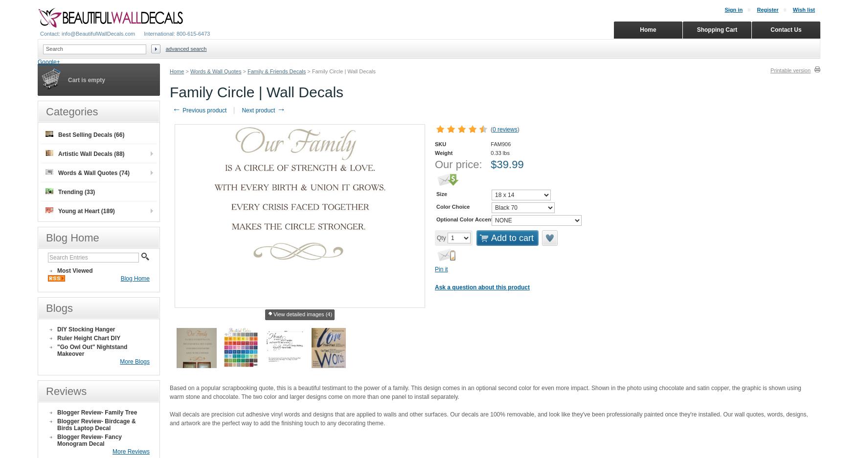 The height and width of the screenshot is (458, 858). Describe the element at coordinates (66, 391) in the screenshot. I see `'Reviews'` at that location.